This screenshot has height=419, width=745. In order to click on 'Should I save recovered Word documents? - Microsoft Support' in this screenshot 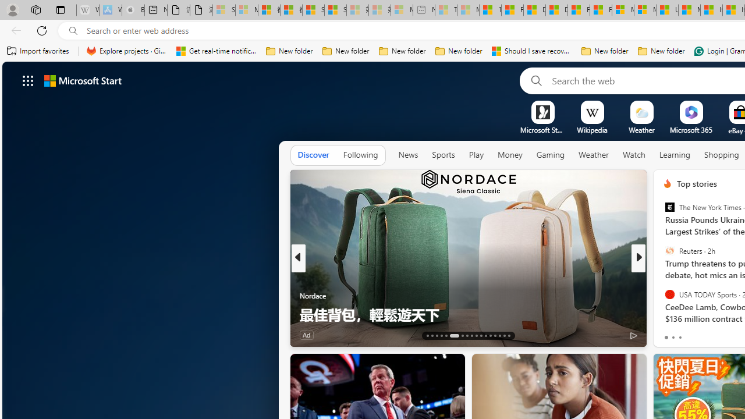, I will do `click(531, 51)`.